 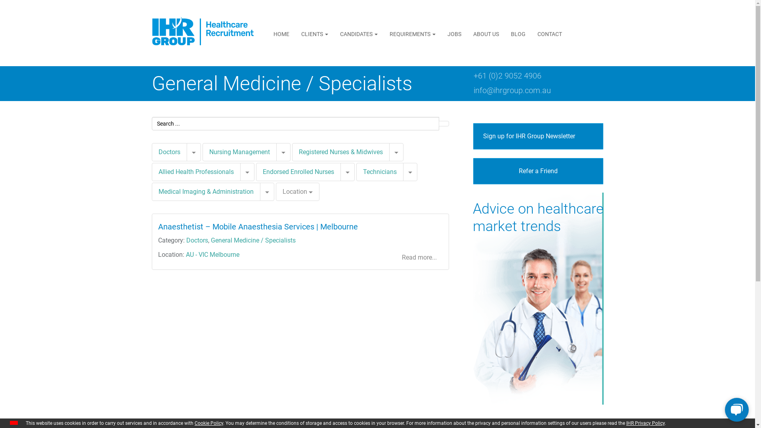 I want to click on 'Registered Nurses & Midwives', so click(x=340, y=152).